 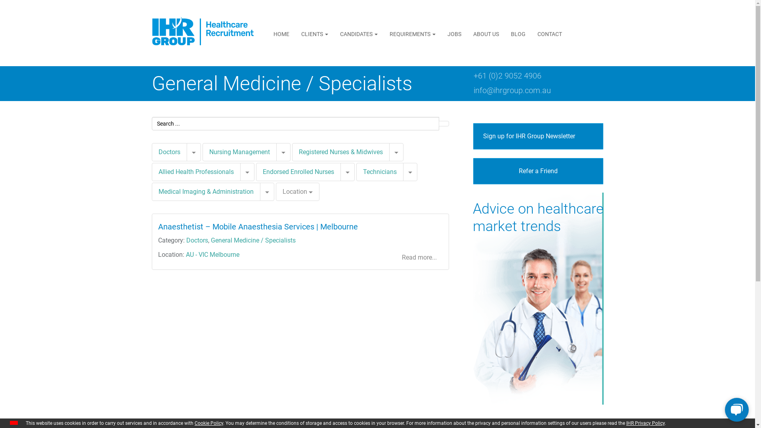 I want to click on 'Registered Nurses & Midwives', so click(x=340, y=152).